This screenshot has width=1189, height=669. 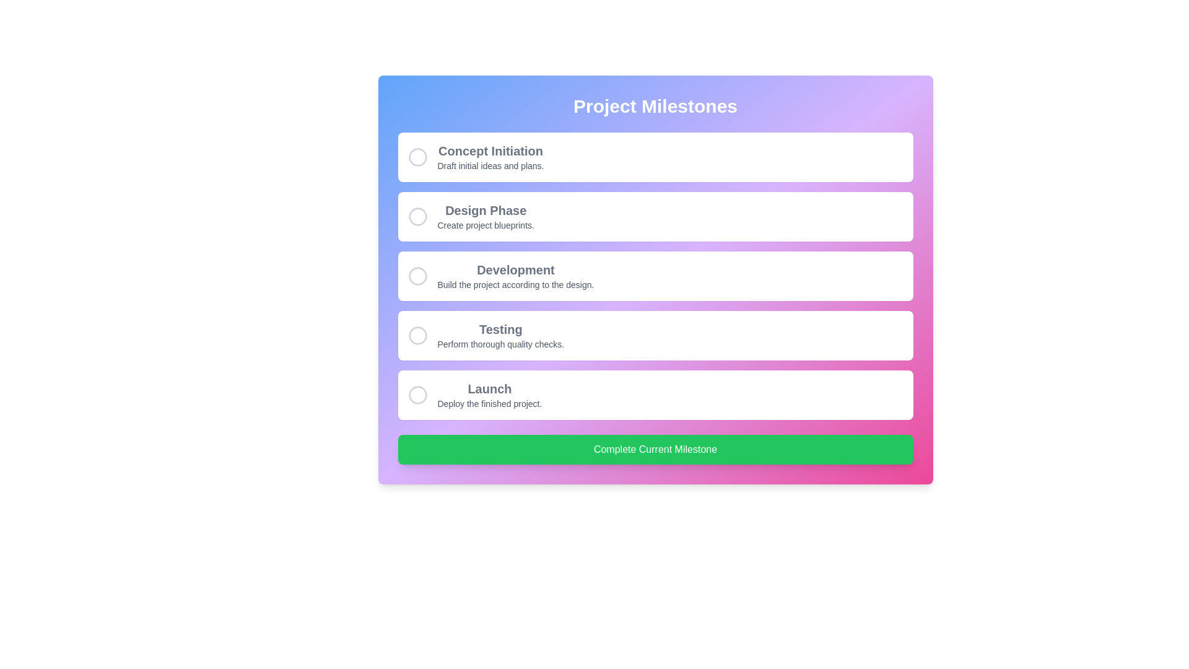 I want to click on the SVG Circle element located immediately to the left of the 'Concept Initiation' milestone, which features a light gray outline, so click(x=417, y=157).